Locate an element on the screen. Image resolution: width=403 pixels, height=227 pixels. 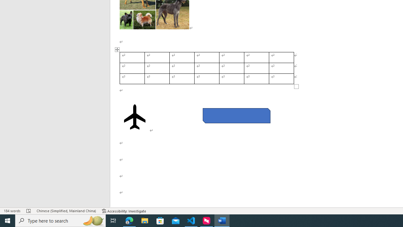
'Visual Studio Code - 1 running window' is located at coordinates (191, 220).